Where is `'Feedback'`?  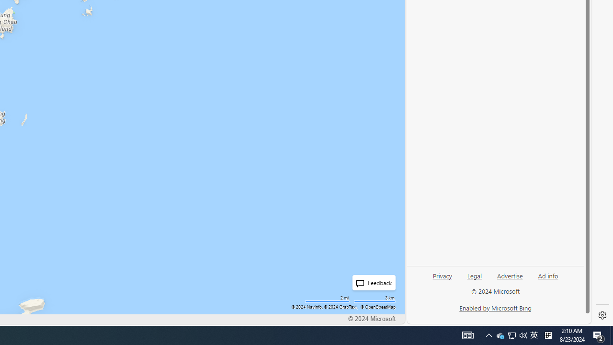
'Feedback' is located at coordinates (373, 282).